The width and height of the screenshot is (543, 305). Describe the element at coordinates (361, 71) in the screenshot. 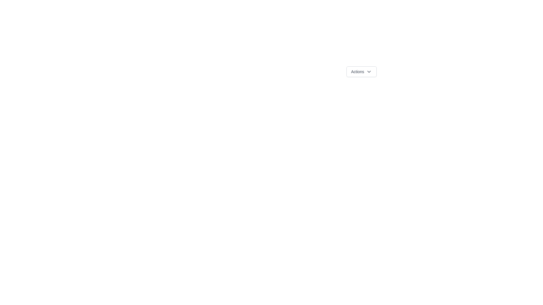

I see `the 'Actions' dropdown button located at the upper-right area of the page` at that location.